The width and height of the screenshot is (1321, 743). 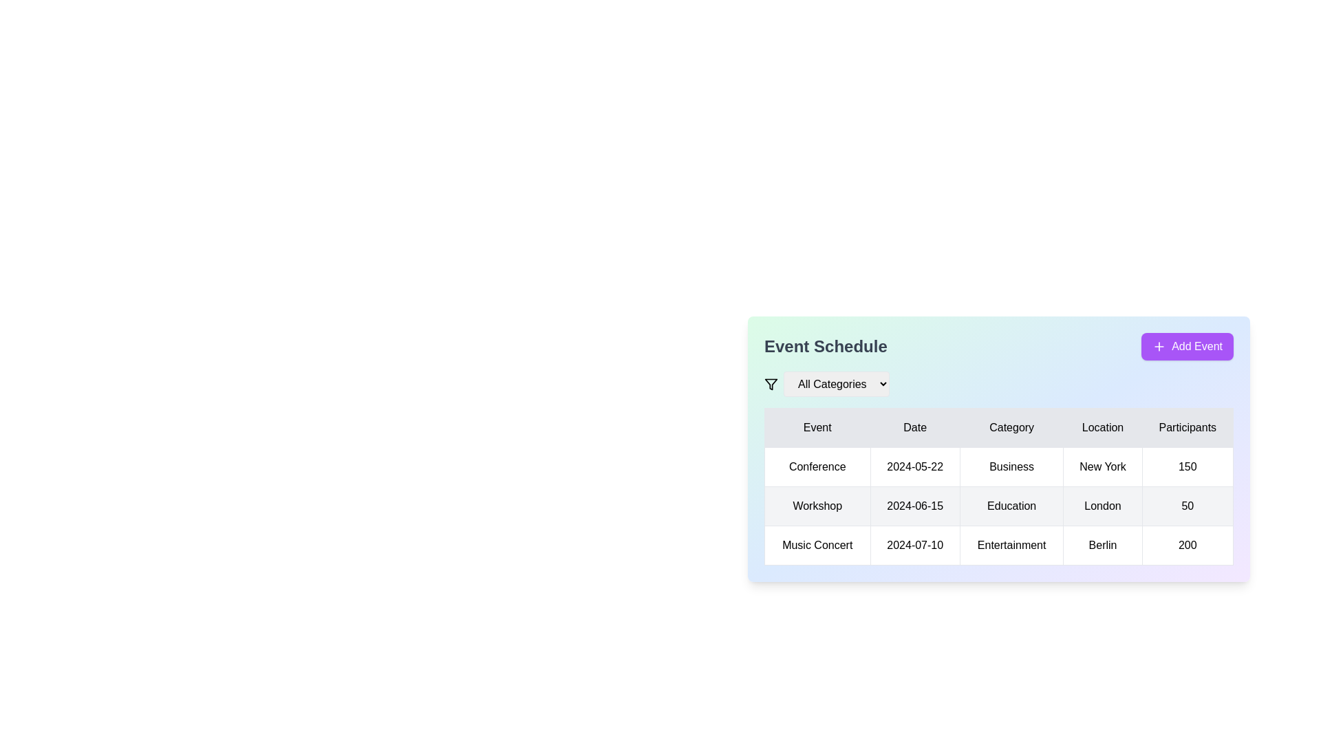 I want to click on the add event icon located to the left of the 'Add Event' label within the purple button in the top-right corner of the 'Event Schedule' section, so click(x=1159, y=346).